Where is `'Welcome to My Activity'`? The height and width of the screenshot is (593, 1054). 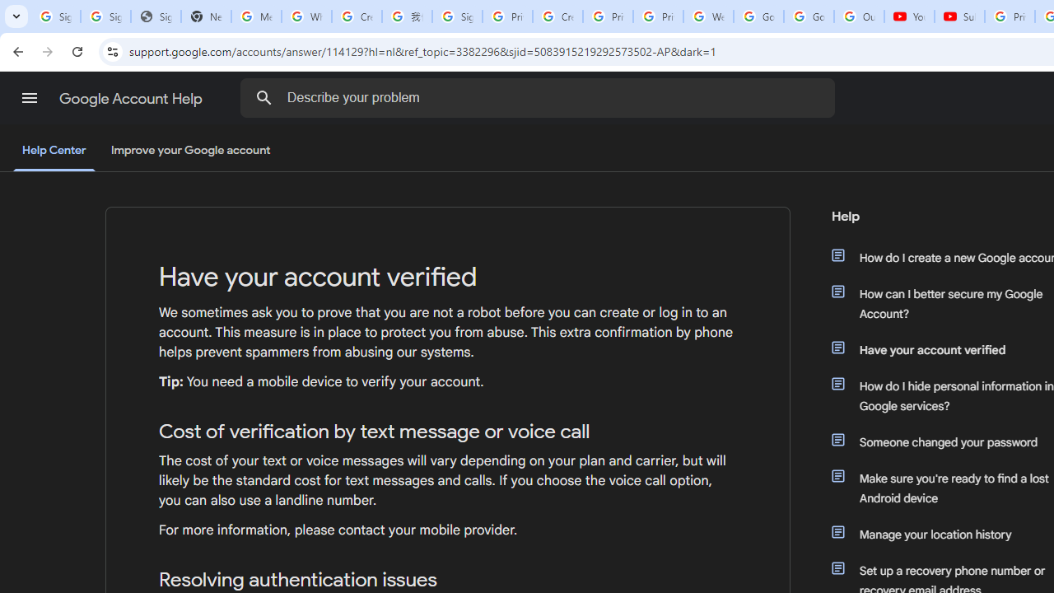 'Welcome to My Activity' is located at coordinates (708, 16).